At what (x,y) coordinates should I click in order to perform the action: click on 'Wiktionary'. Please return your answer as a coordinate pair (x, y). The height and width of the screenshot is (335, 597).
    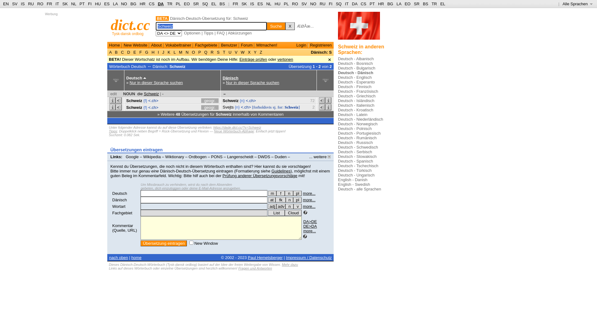
    Looking at the image, I should click on (174, 156).